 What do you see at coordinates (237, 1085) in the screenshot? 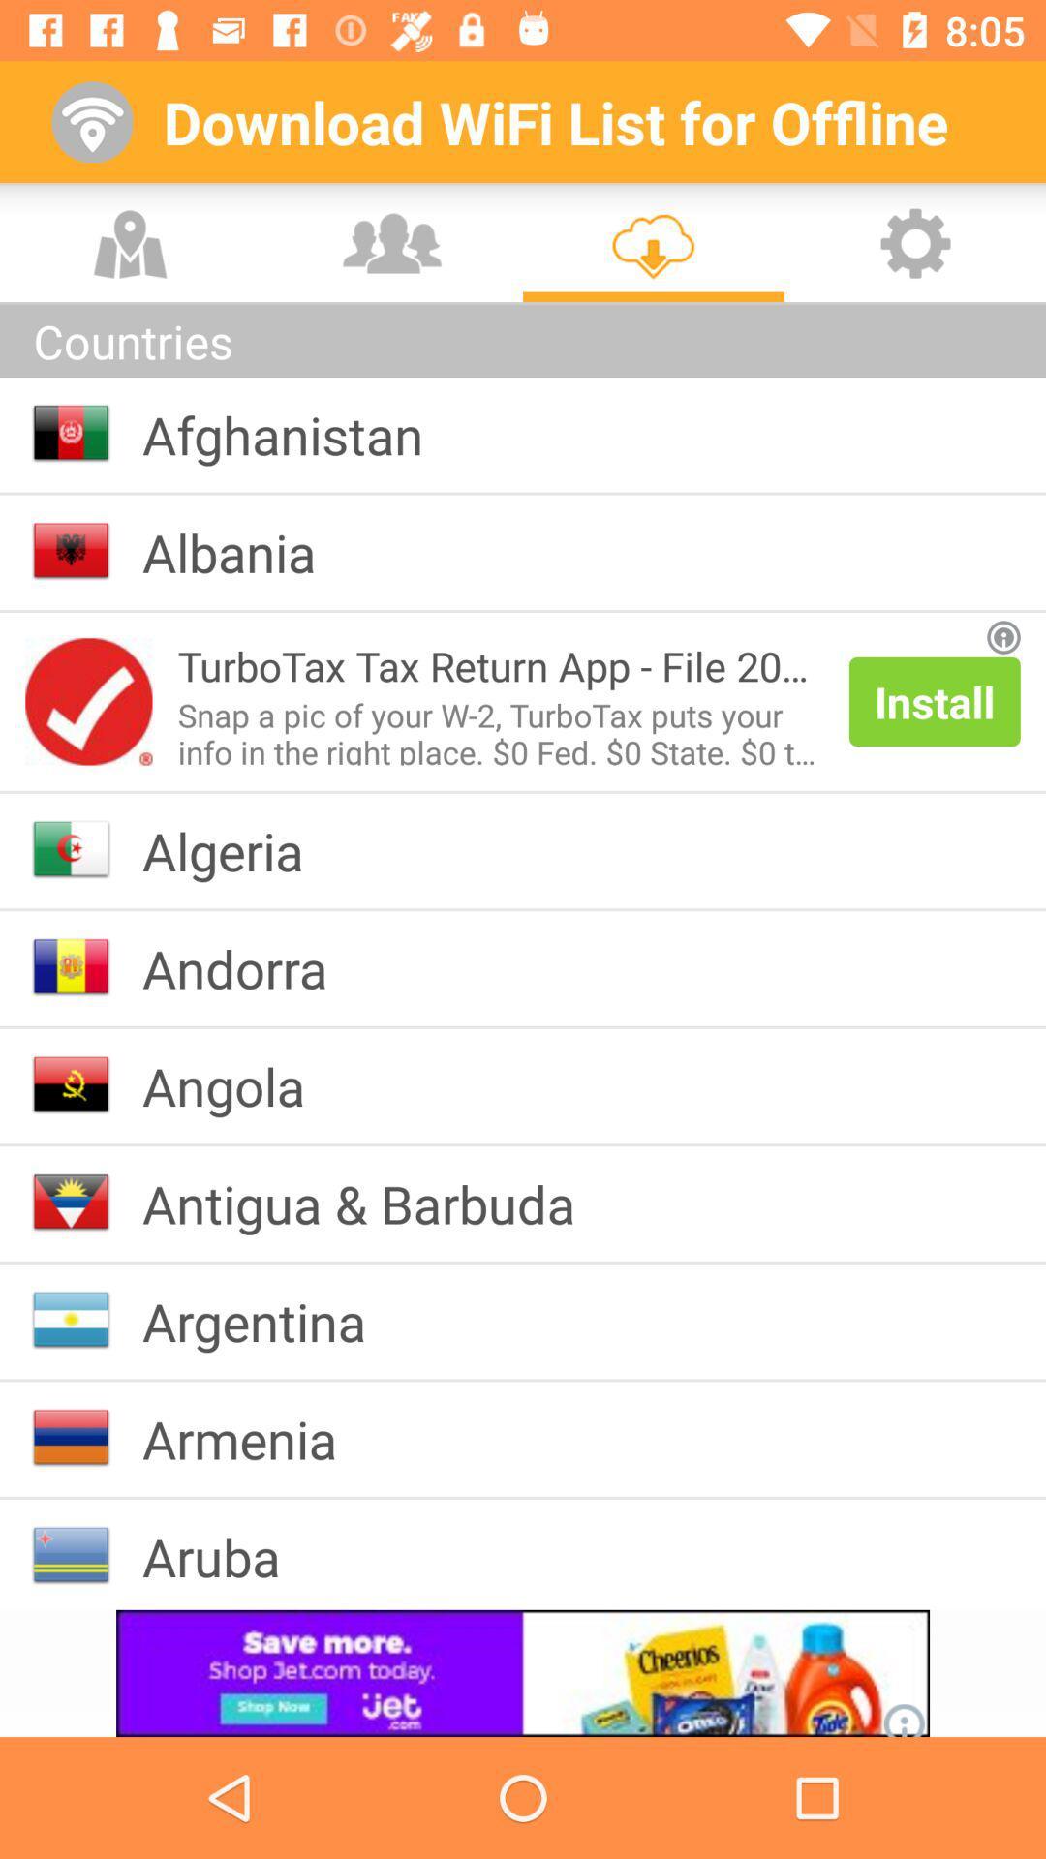
I see `angola item` at bounding box center [237, 1085].